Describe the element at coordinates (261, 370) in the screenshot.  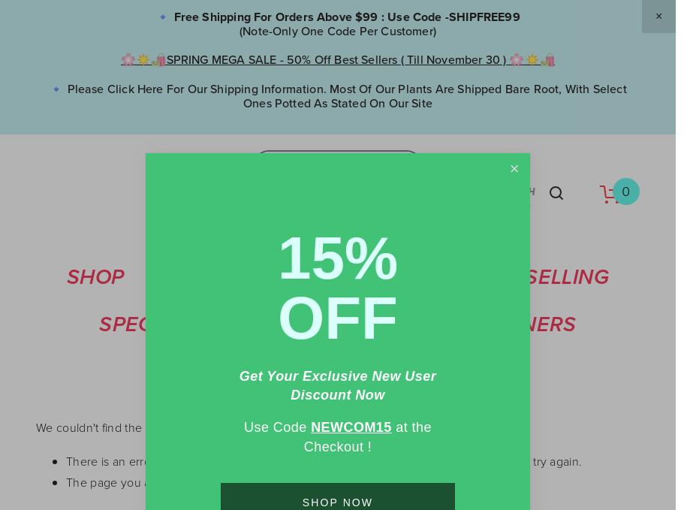
I see `'Accessories'` at that location.